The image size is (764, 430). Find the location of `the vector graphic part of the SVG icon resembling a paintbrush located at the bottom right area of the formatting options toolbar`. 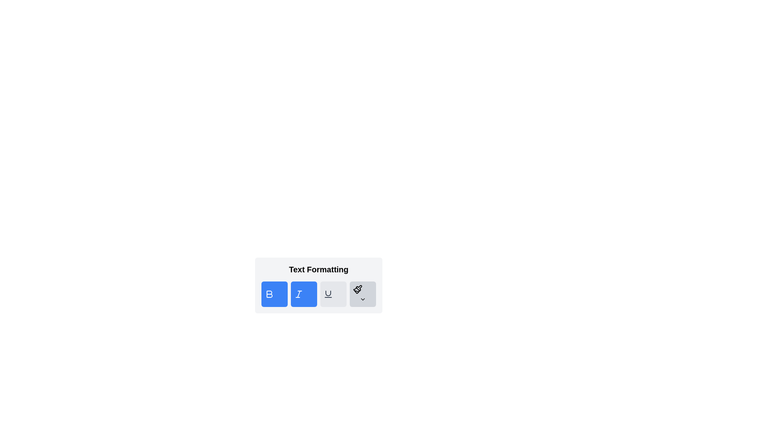

the vector graphic part of the SVG icon resembling a paintbrush located at the bottom right area of the formatting options toolbar is located at coordinates (359, 288).